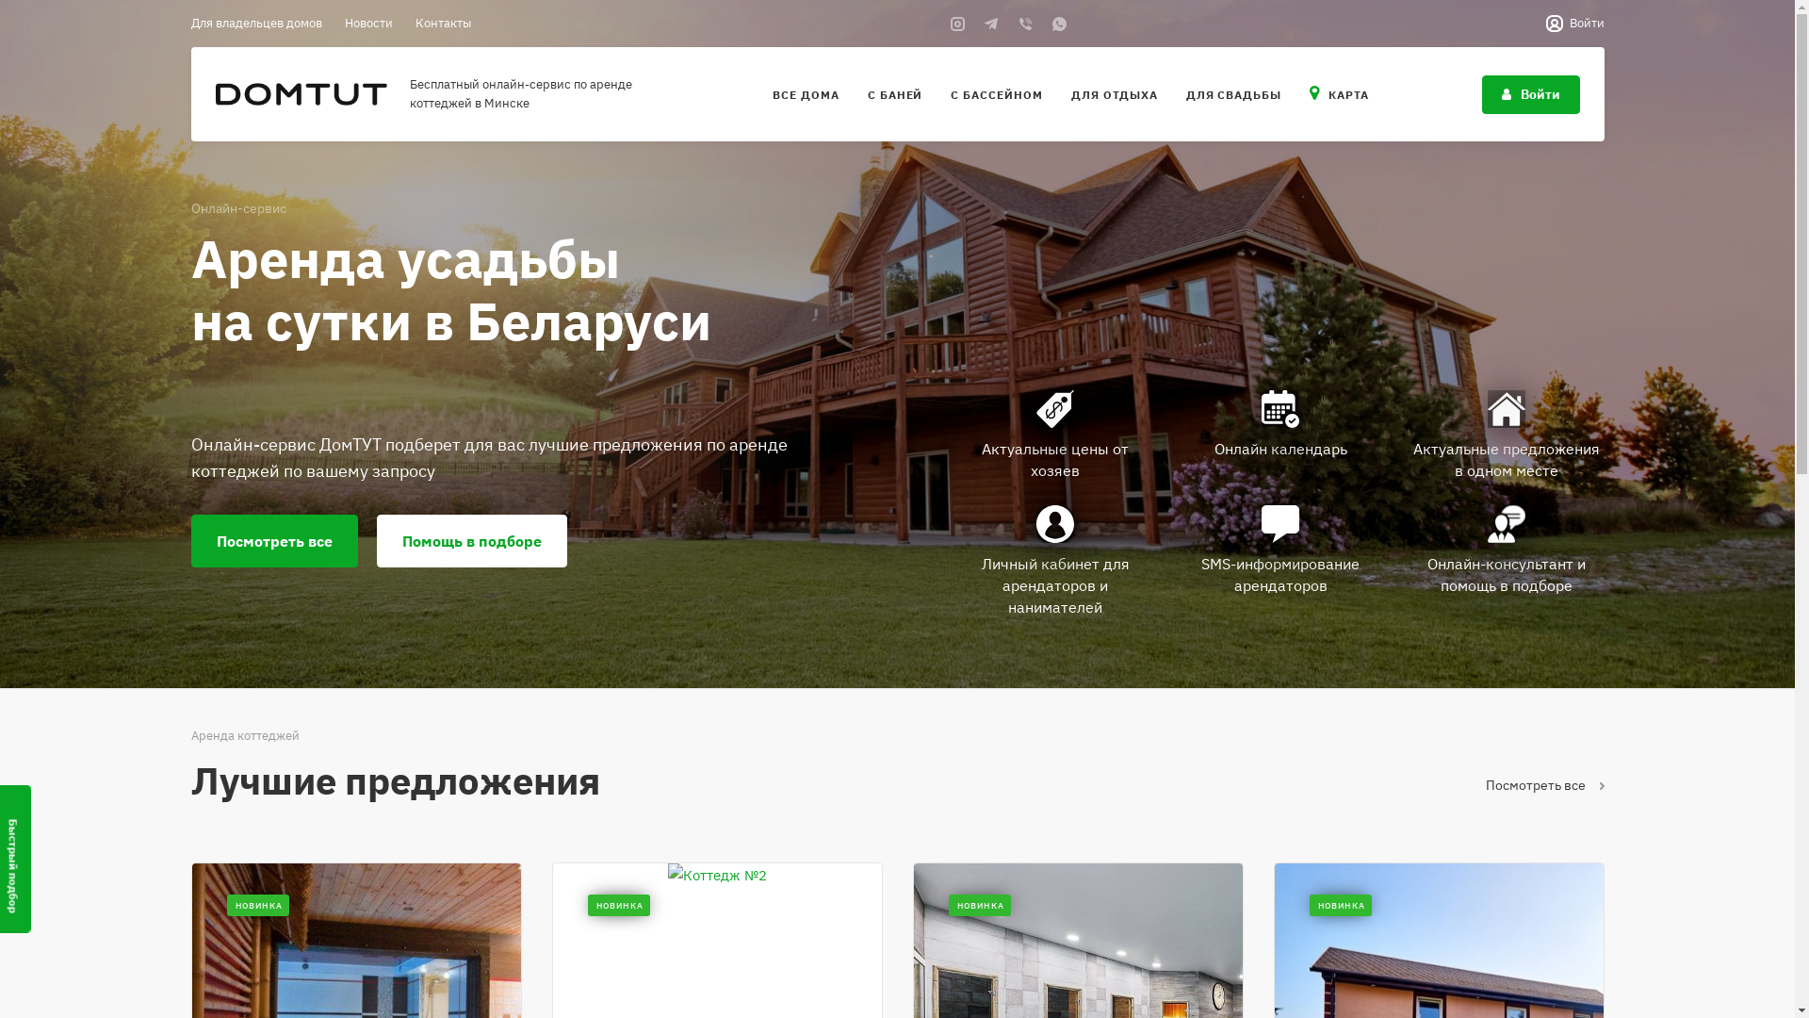 Image resolution: width=1809 pixels, height=1018 pixels. Describe the element at coordinates (989, 23) in the screenshot. I see `'Telegram'` at that location.